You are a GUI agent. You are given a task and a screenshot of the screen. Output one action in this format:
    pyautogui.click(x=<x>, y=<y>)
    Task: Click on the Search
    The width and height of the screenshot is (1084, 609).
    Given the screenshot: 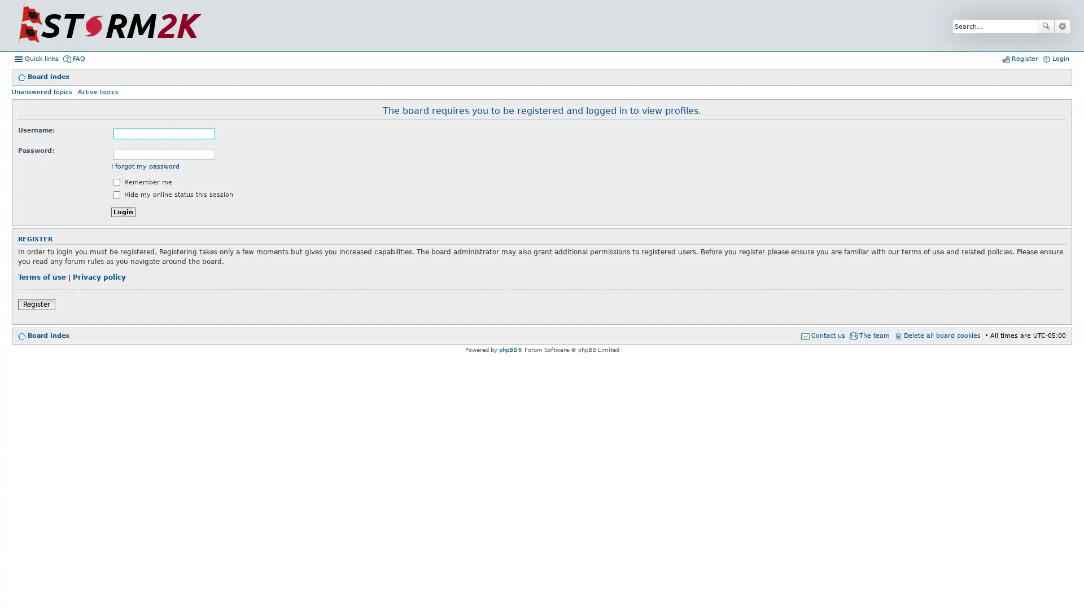 What is the action you would take?
    pyautogui.click(x=1045, y=25)
    